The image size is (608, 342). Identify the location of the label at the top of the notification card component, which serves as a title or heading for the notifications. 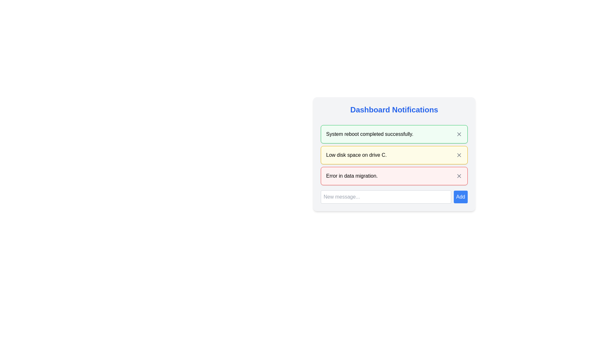
(394, 110).